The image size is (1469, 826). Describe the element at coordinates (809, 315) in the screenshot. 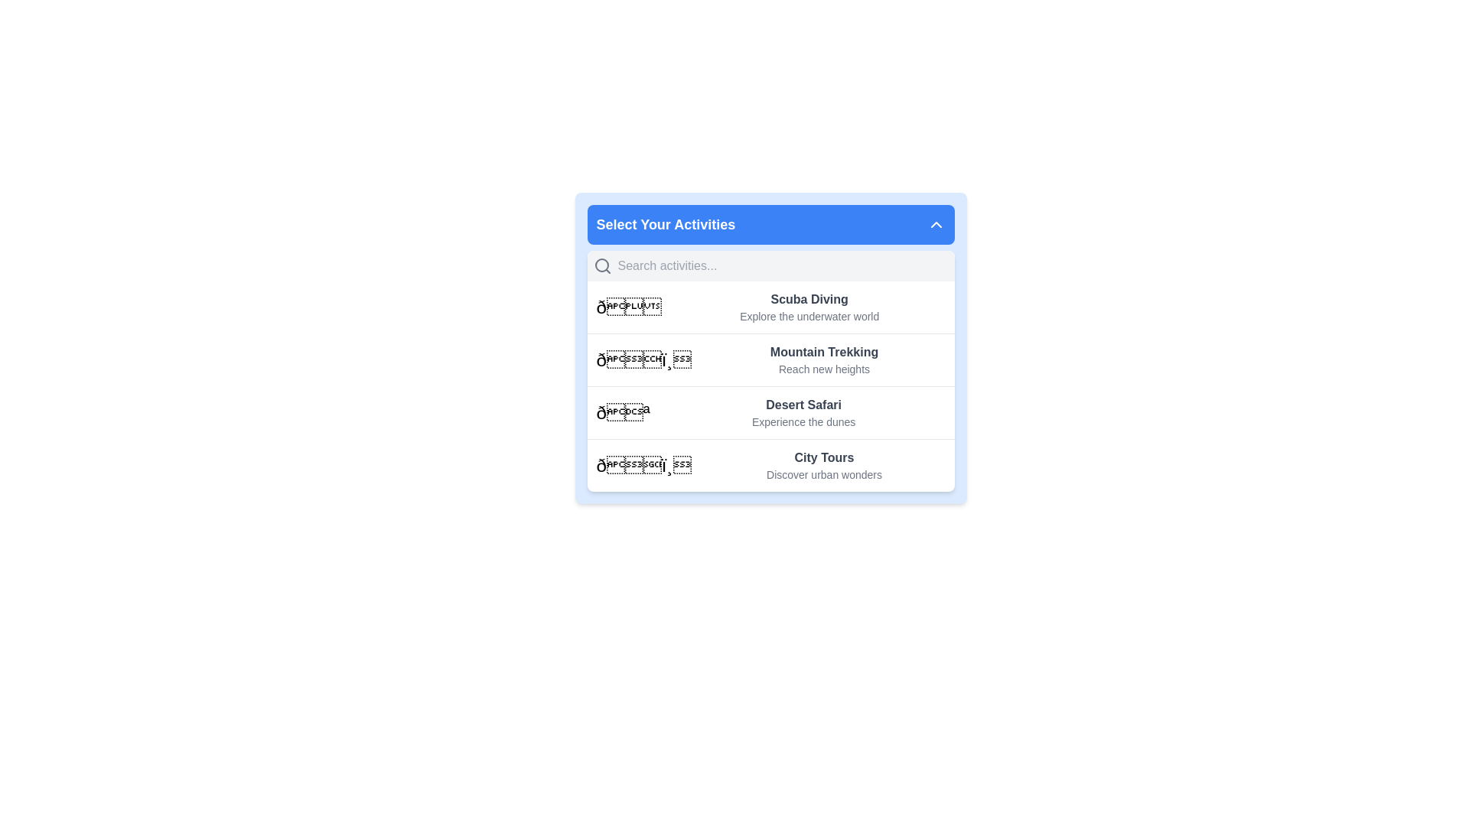

I see `the static text label that serves as a descriptive subtitle for the 'Scuba Diving' activity, located beneath the bolded title in the vertical list layout` at that location.